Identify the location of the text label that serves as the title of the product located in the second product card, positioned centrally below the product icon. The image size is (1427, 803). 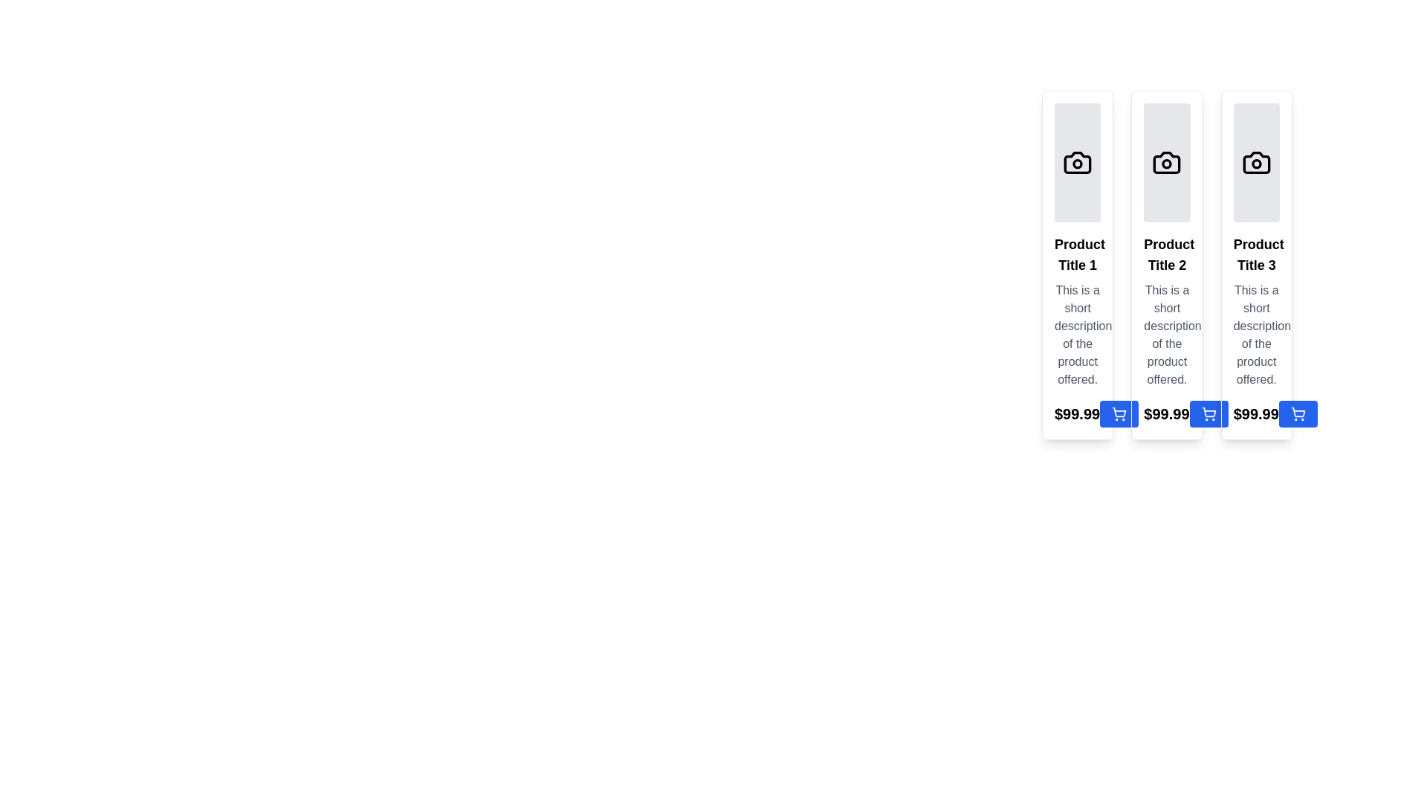
(1166, 254).